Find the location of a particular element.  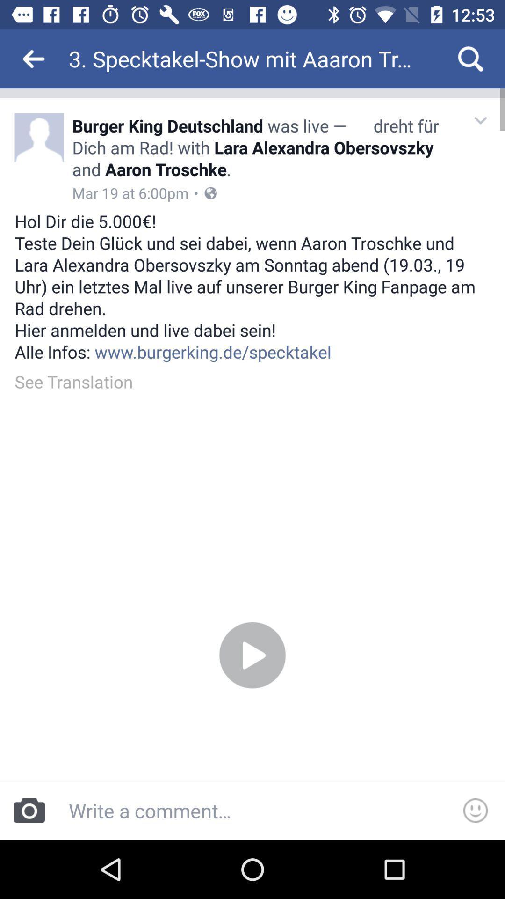

the emoji icon is located at coordinates (476, 810).